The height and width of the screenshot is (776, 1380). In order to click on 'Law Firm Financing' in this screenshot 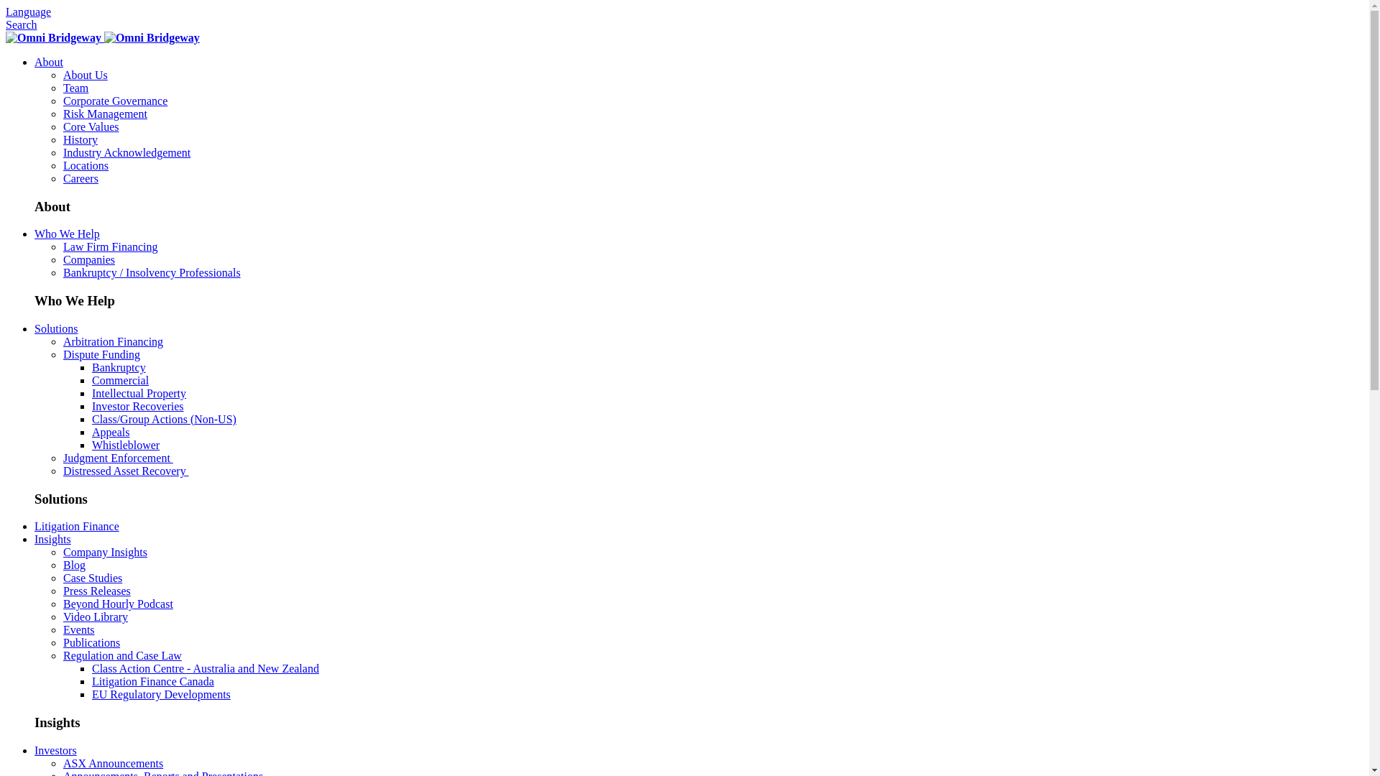, I will do `click(62, 246)`.